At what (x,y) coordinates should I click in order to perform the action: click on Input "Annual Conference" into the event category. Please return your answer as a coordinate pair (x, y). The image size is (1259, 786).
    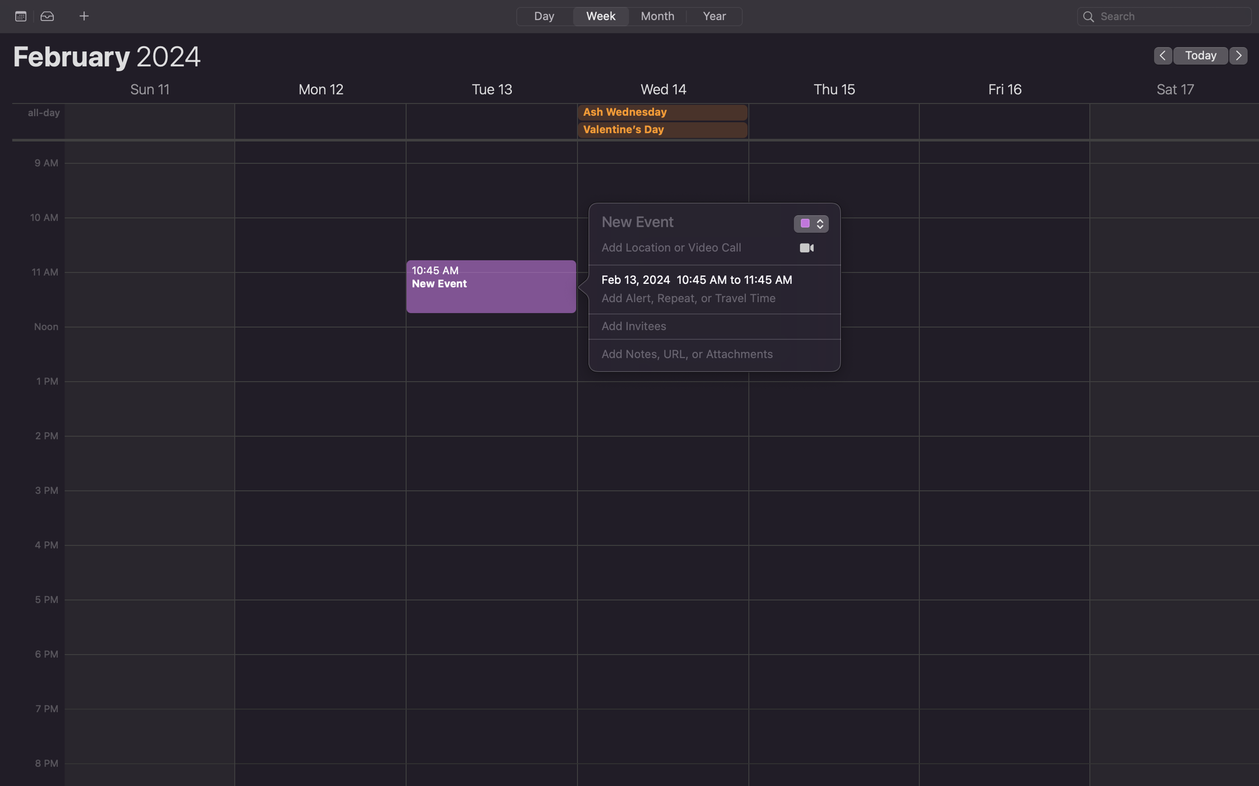
    Looking at the image, I should click on (804, 225).